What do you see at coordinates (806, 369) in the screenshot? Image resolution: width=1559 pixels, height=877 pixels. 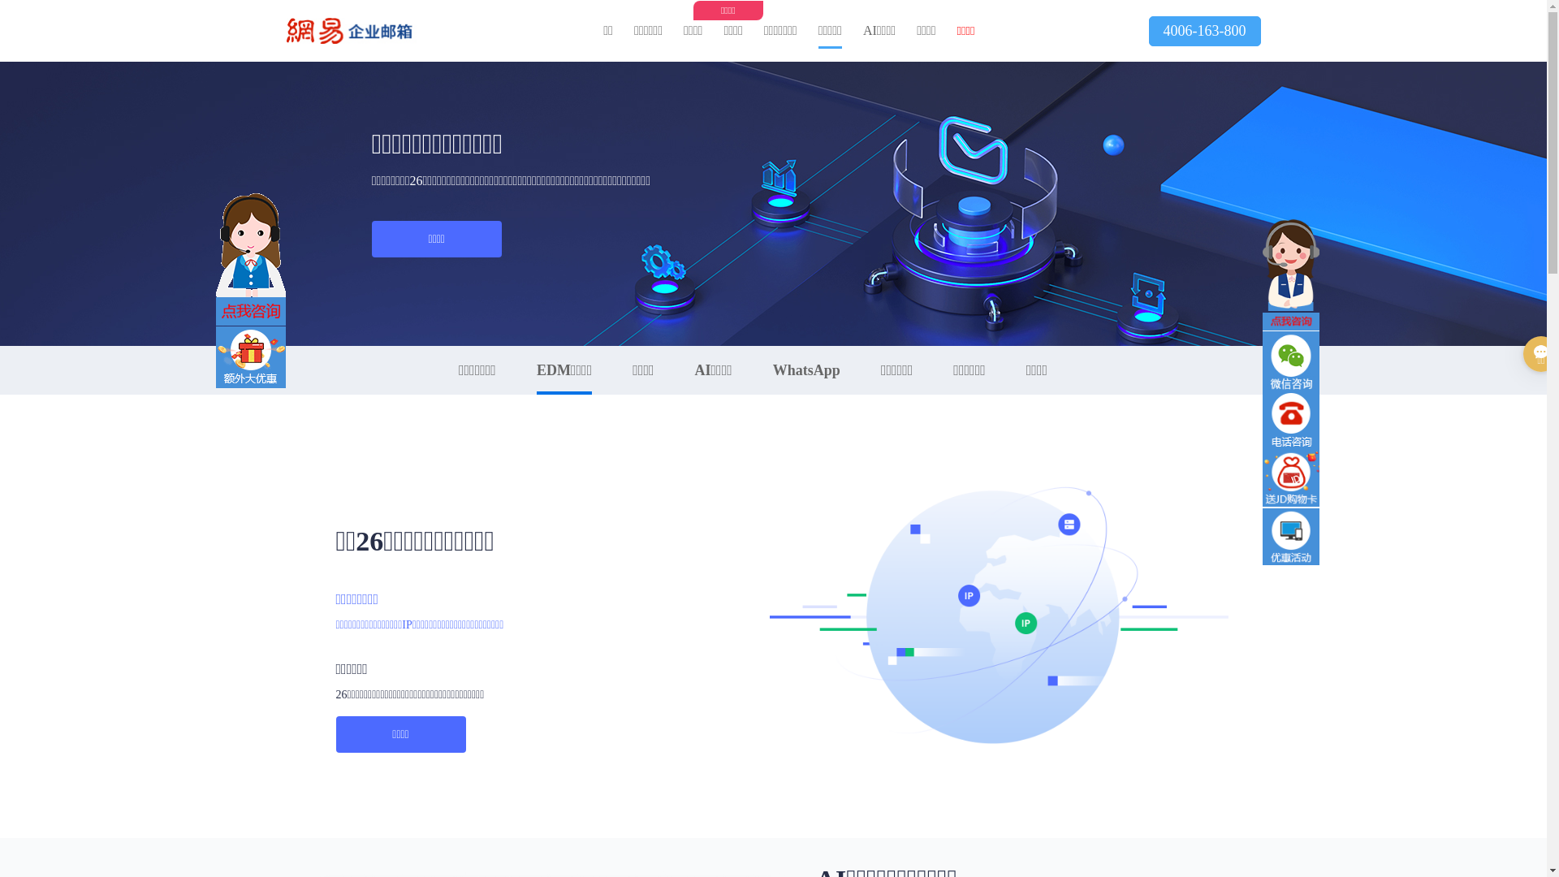 I see `'WhatsApp'` at bounding box center [806, 369].